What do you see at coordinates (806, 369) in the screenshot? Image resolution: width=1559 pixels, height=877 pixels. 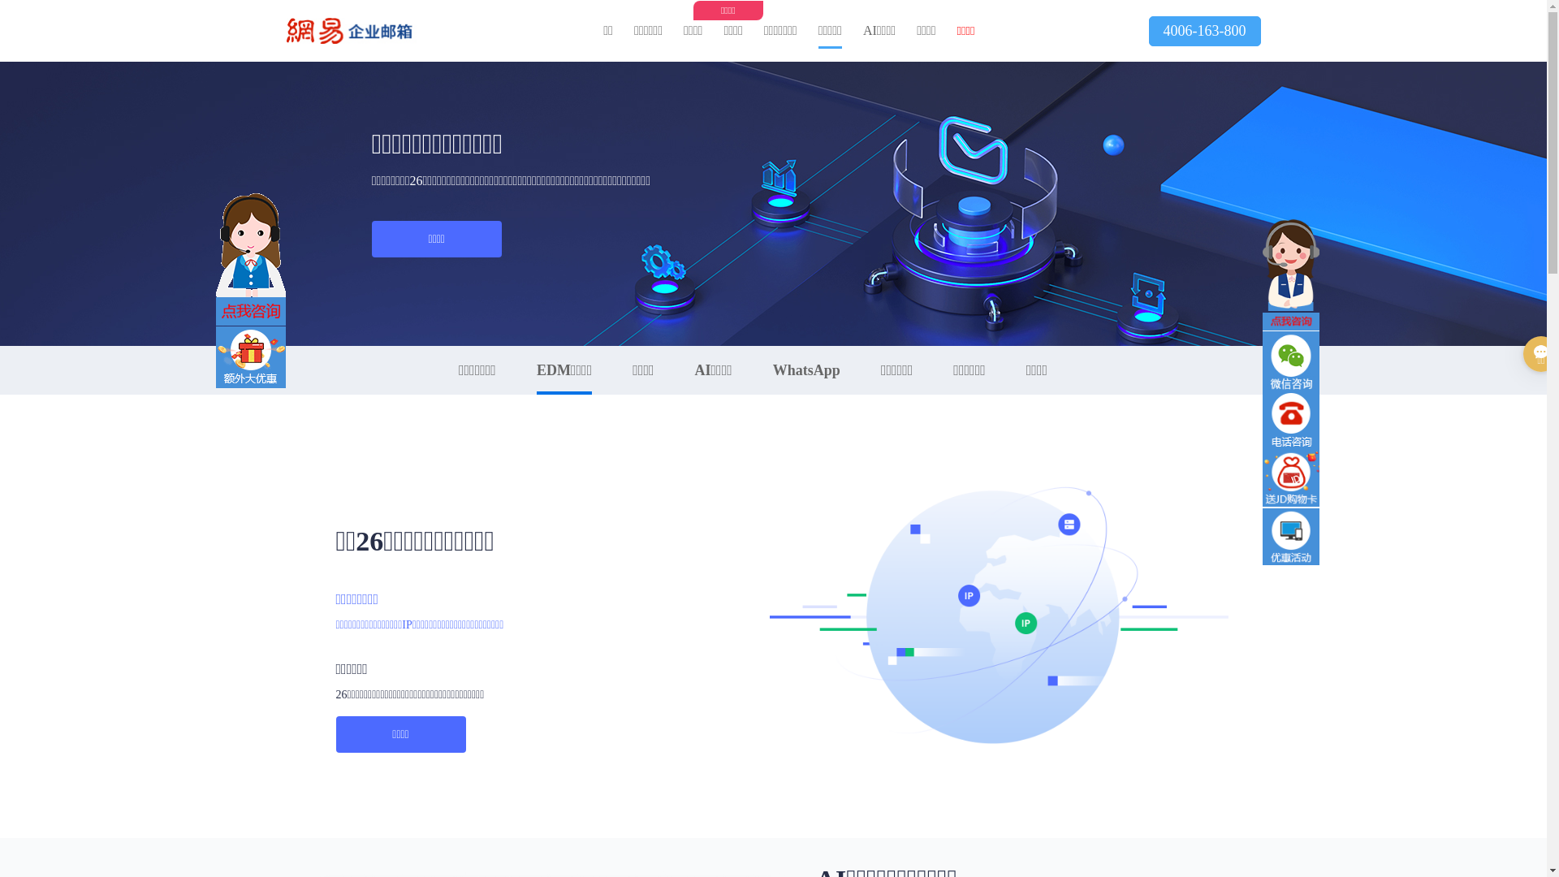 I see `'WhatsApp'` at bounding box center [806, 369].